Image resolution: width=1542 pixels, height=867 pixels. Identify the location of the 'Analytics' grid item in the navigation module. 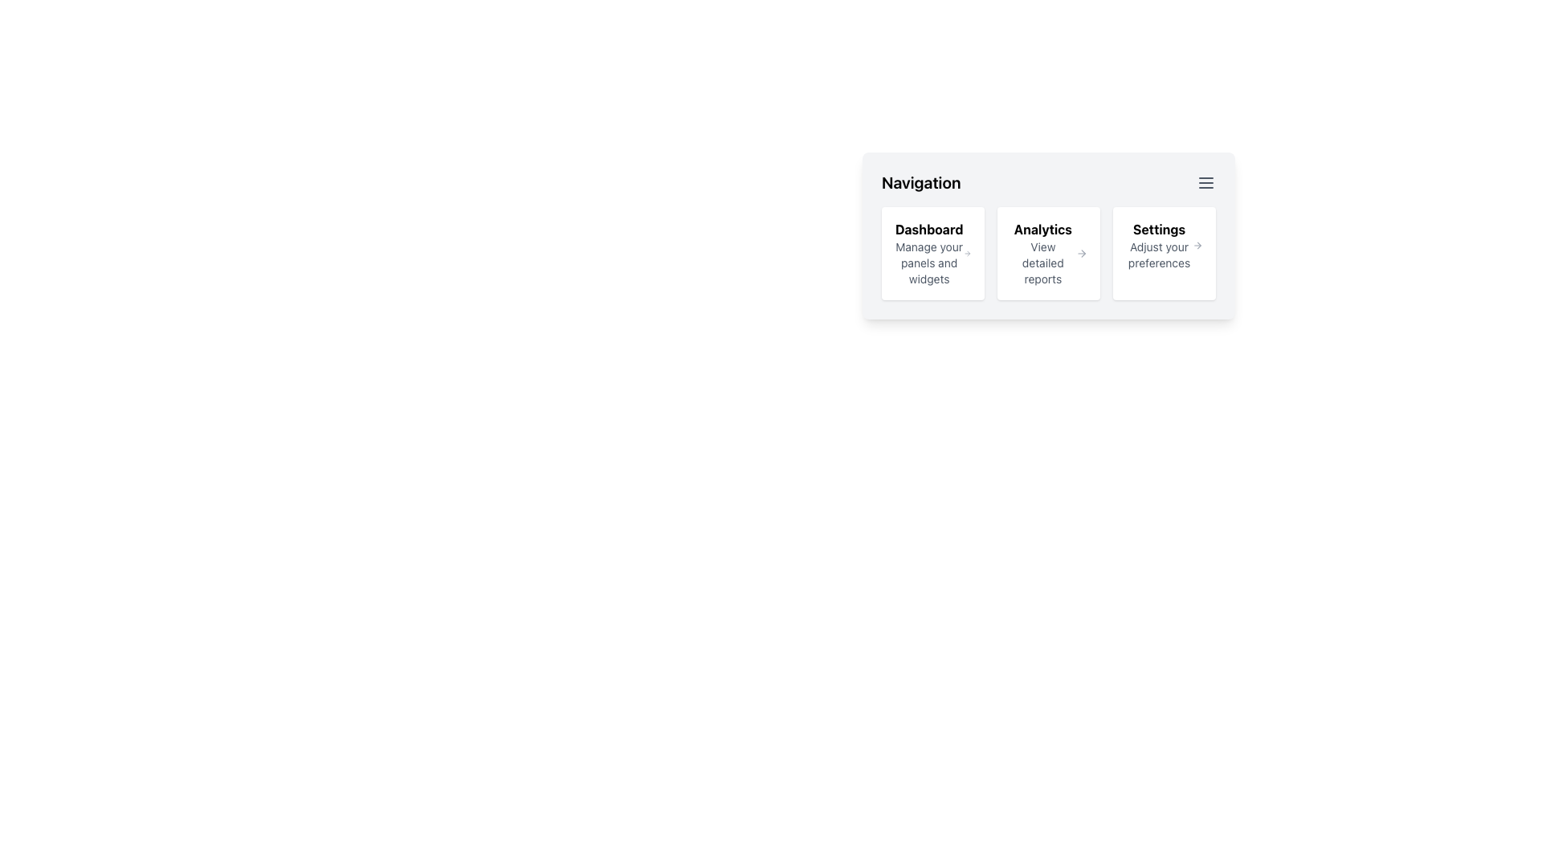
(1048, 253).